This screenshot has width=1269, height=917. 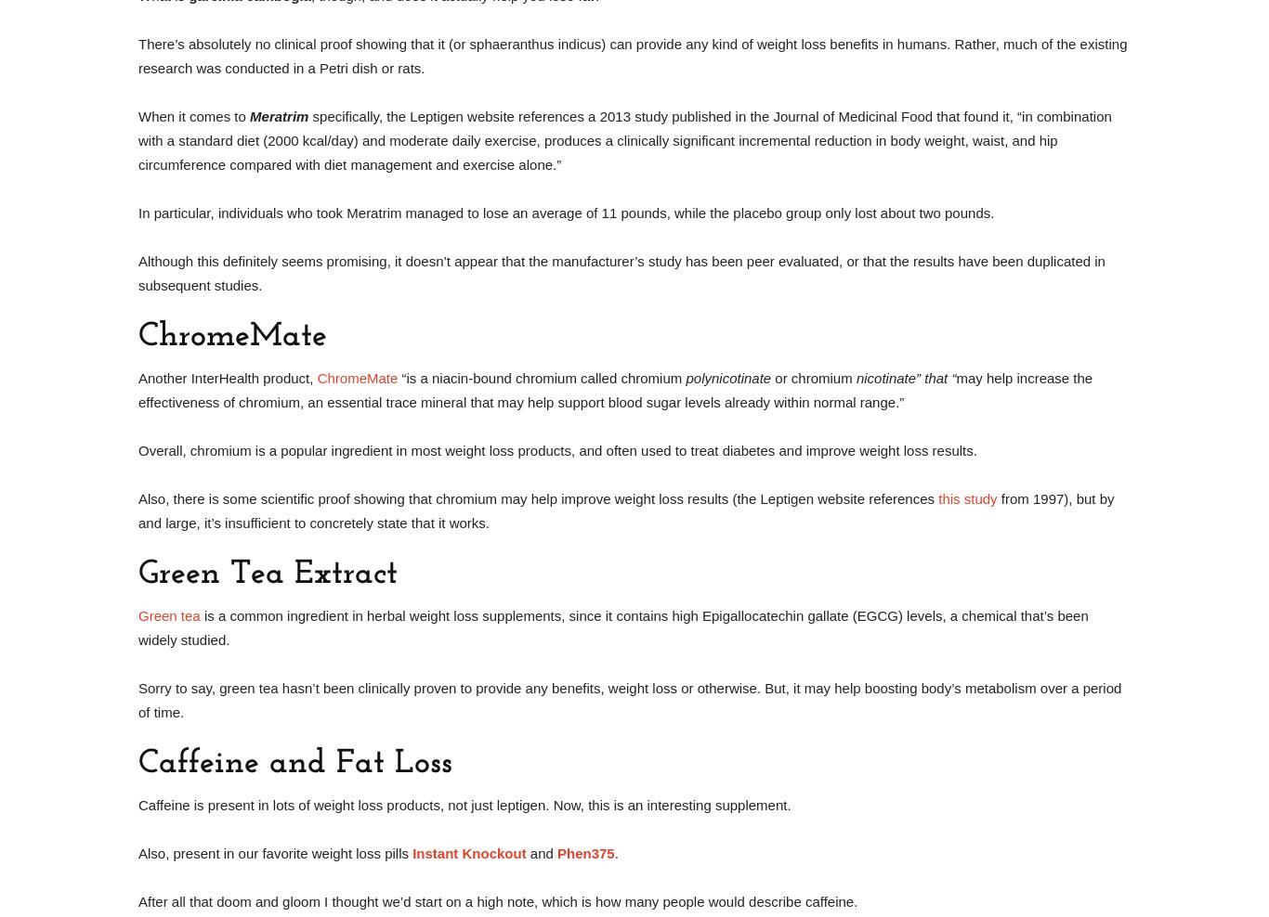 What do you see at coordinates (855, 377) in the screenshot?
I see `'nicotinate'` at bounding box center [855, 377].